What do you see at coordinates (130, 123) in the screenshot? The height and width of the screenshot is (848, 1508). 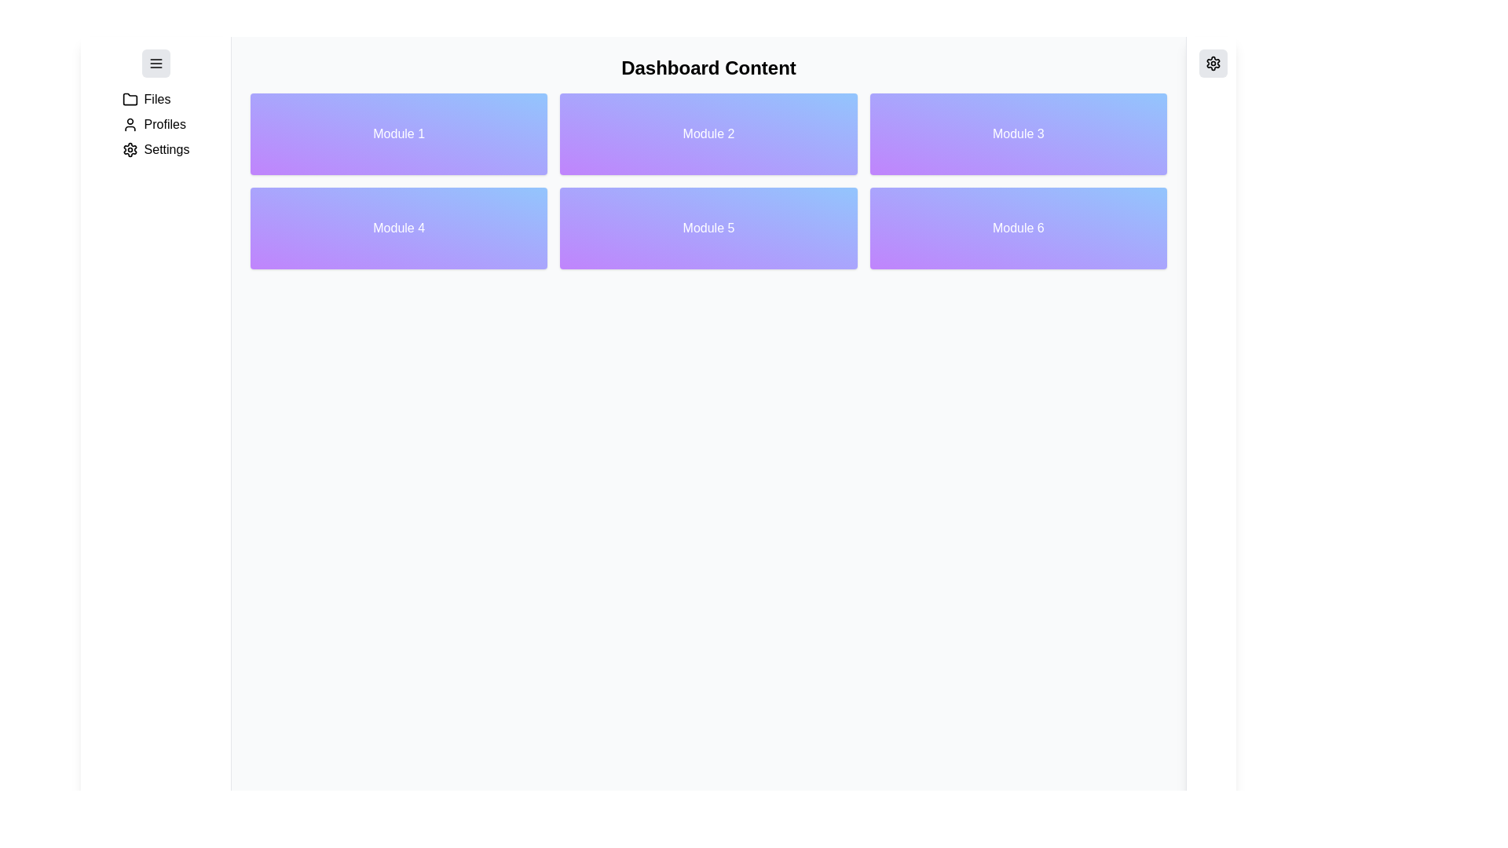 I see `the 'Profiles' icon located in the sidebar navigation panel, which is positioned second from the top and adjacent to the text 'Profiles'` at bounding box center [130, 123].